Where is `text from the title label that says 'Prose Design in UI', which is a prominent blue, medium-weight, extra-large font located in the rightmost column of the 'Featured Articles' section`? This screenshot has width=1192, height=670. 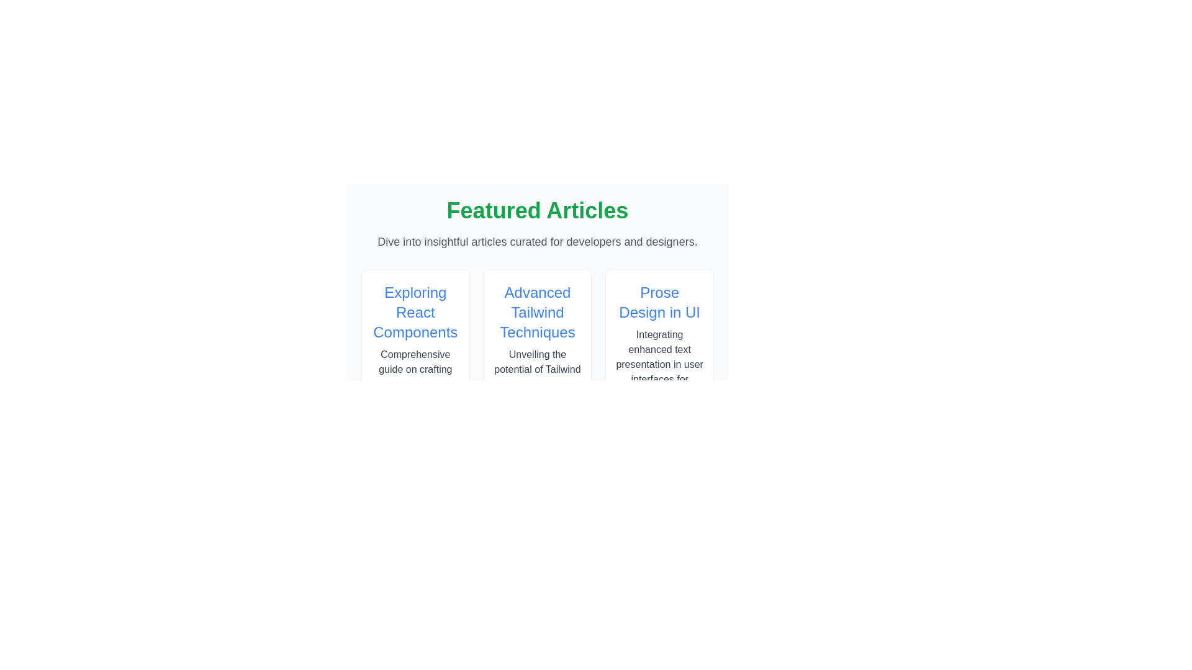
text from the title label that says 'Prose Design in UI', which is a prominent blue, medium-weight, extra-large font located in the rightmost column of the 'Featured Articles' section is located at coordinates (659, 303).